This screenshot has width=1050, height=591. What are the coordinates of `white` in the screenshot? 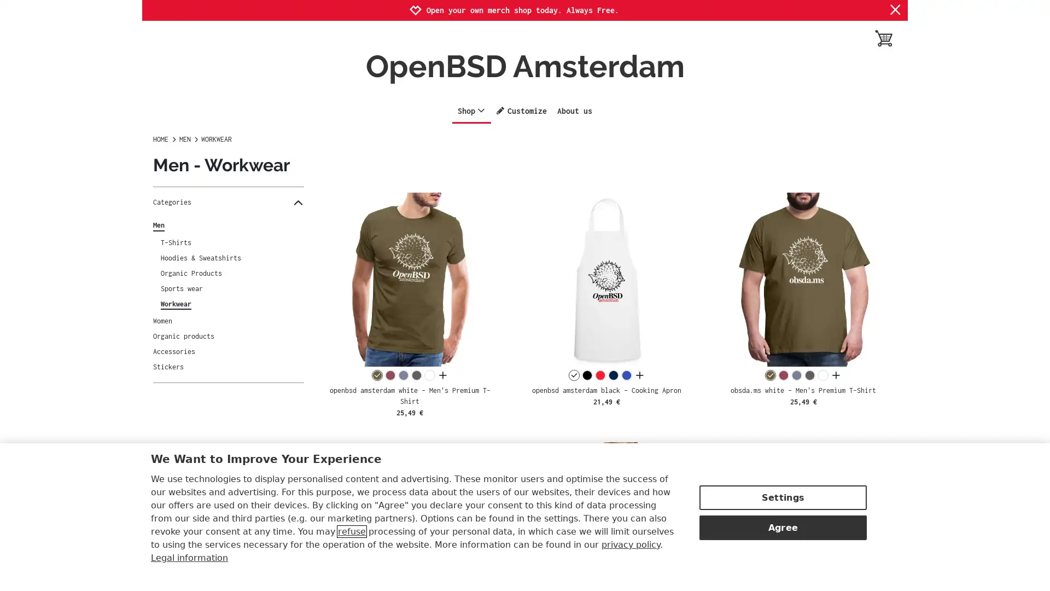 It's located at (429, 375).